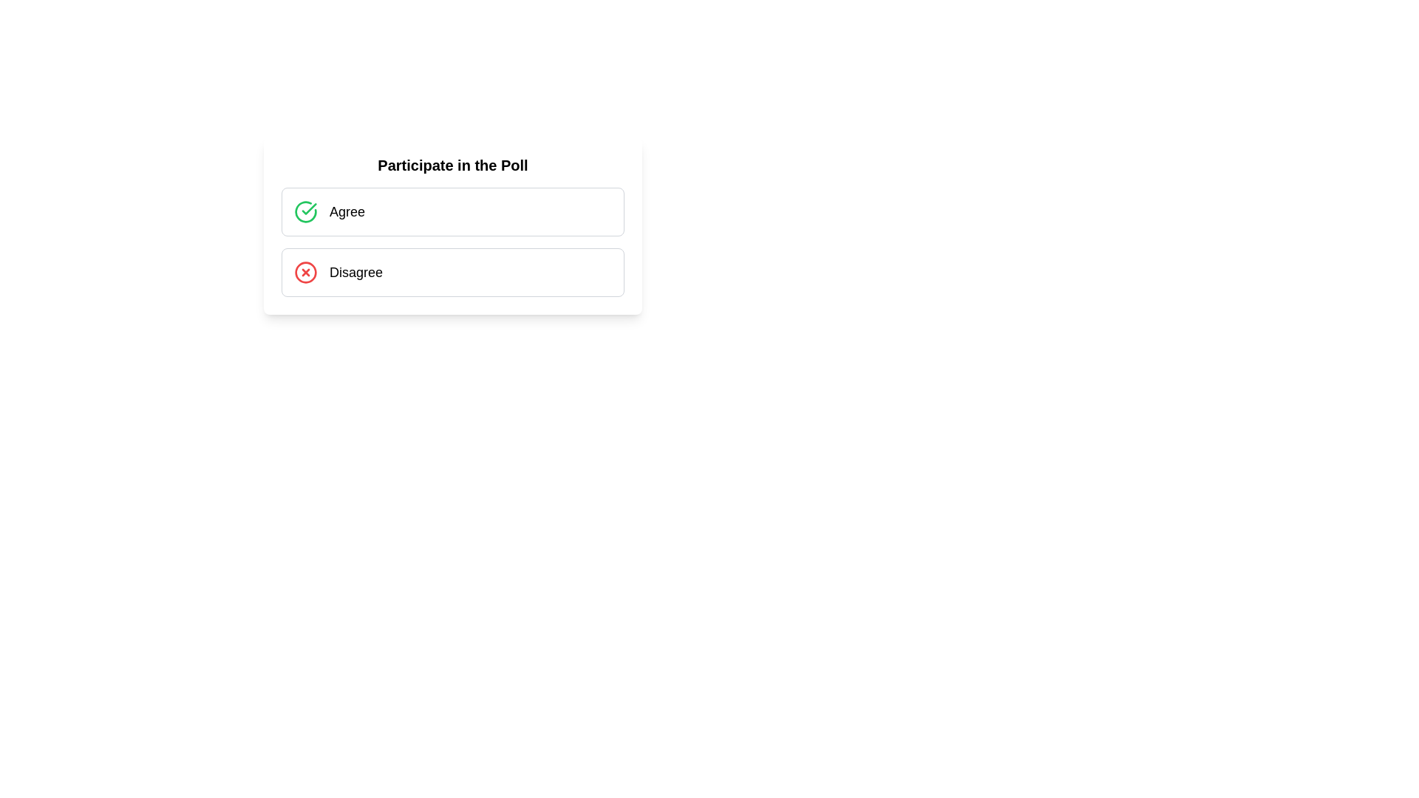  What do you see at coordinates (452, 211) in the screenshot?
I see `the first selectable option in the vertically stacked group, which allows users to choose this option in response to a prompt` at bounding box center [452, 211].